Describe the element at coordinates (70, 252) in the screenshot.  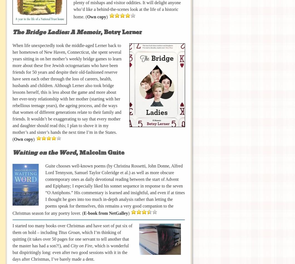
I see `', which is wonderful but dispiritingly long: even after two good sessions with it in the days after Christmas, I’ve barely made a dent.'` at that location.